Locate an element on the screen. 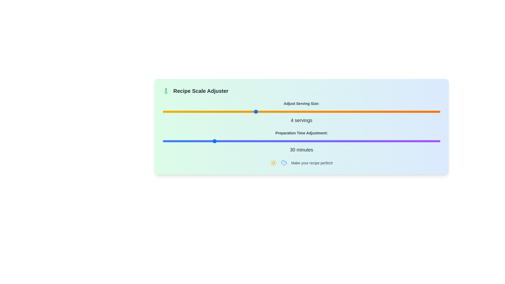 This screenshot has width=505, height=284. preparation time adjustment is located at coordinates (286, 141).